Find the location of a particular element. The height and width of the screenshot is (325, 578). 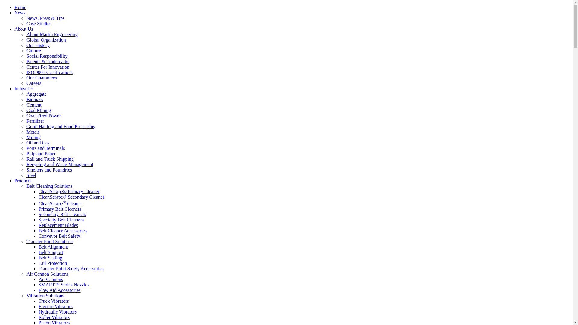

'Rail and Truck Shipping' is located at coordinates (50, 159).